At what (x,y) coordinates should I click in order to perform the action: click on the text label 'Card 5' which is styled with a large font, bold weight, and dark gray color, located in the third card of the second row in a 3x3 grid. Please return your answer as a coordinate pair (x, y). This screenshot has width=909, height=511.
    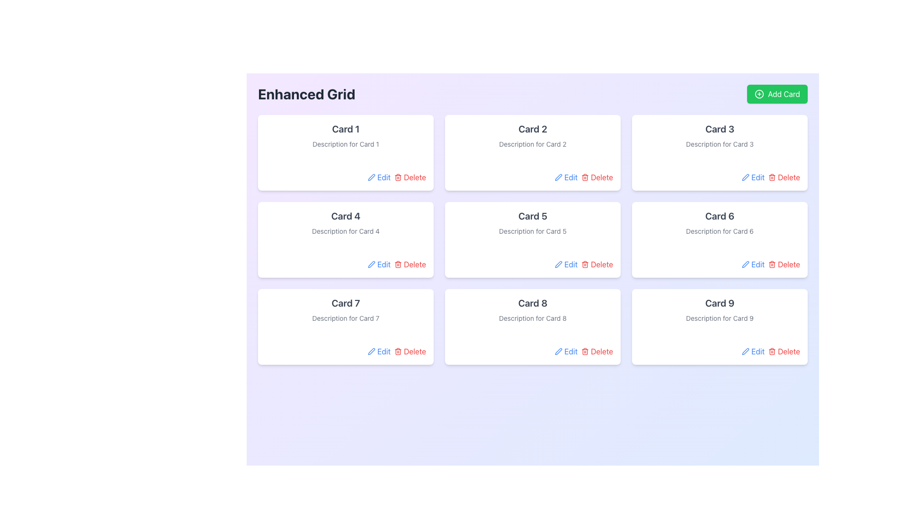
    Looking at the image, I should click on (533, 216).